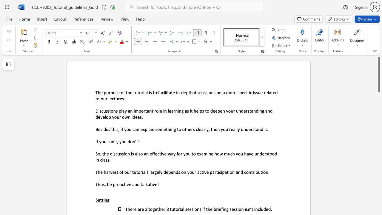 The image size is (382, 215). Describe the element at coordinates (379, 113) in the screenshot. I see `the scrollbar to adjust the page downward` at that location.